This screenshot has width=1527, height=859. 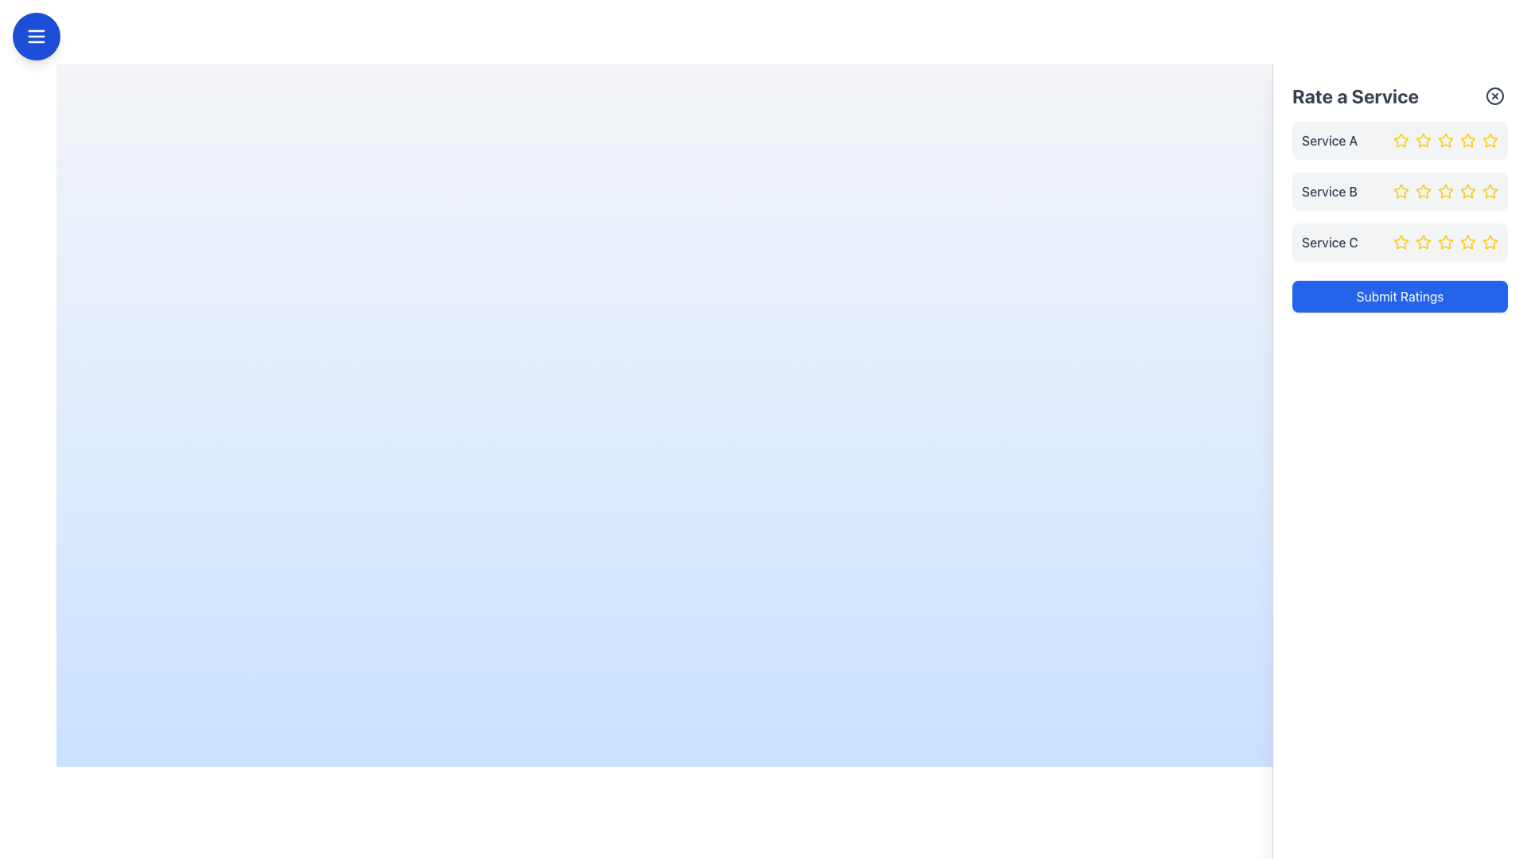 What do you see at coordinates (1446, 140) in the screenshot?
I see `the fourth star icon in the 'Rate a Service' section next to the 'Service A' label` at bounding box center [1446, 140].